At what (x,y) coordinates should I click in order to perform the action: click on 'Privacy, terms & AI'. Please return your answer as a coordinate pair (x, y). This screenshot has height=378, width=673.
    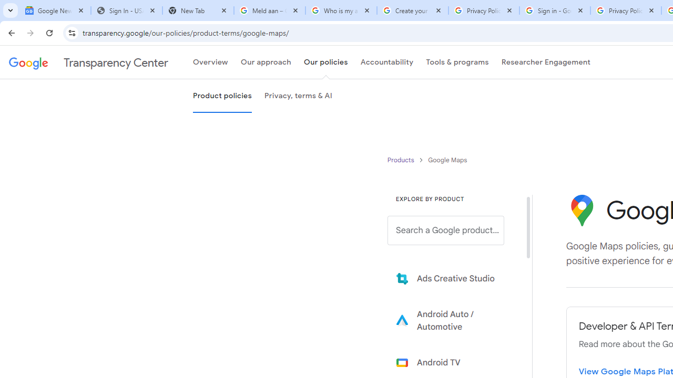
    Looking at the image, I should click on (298, 96).